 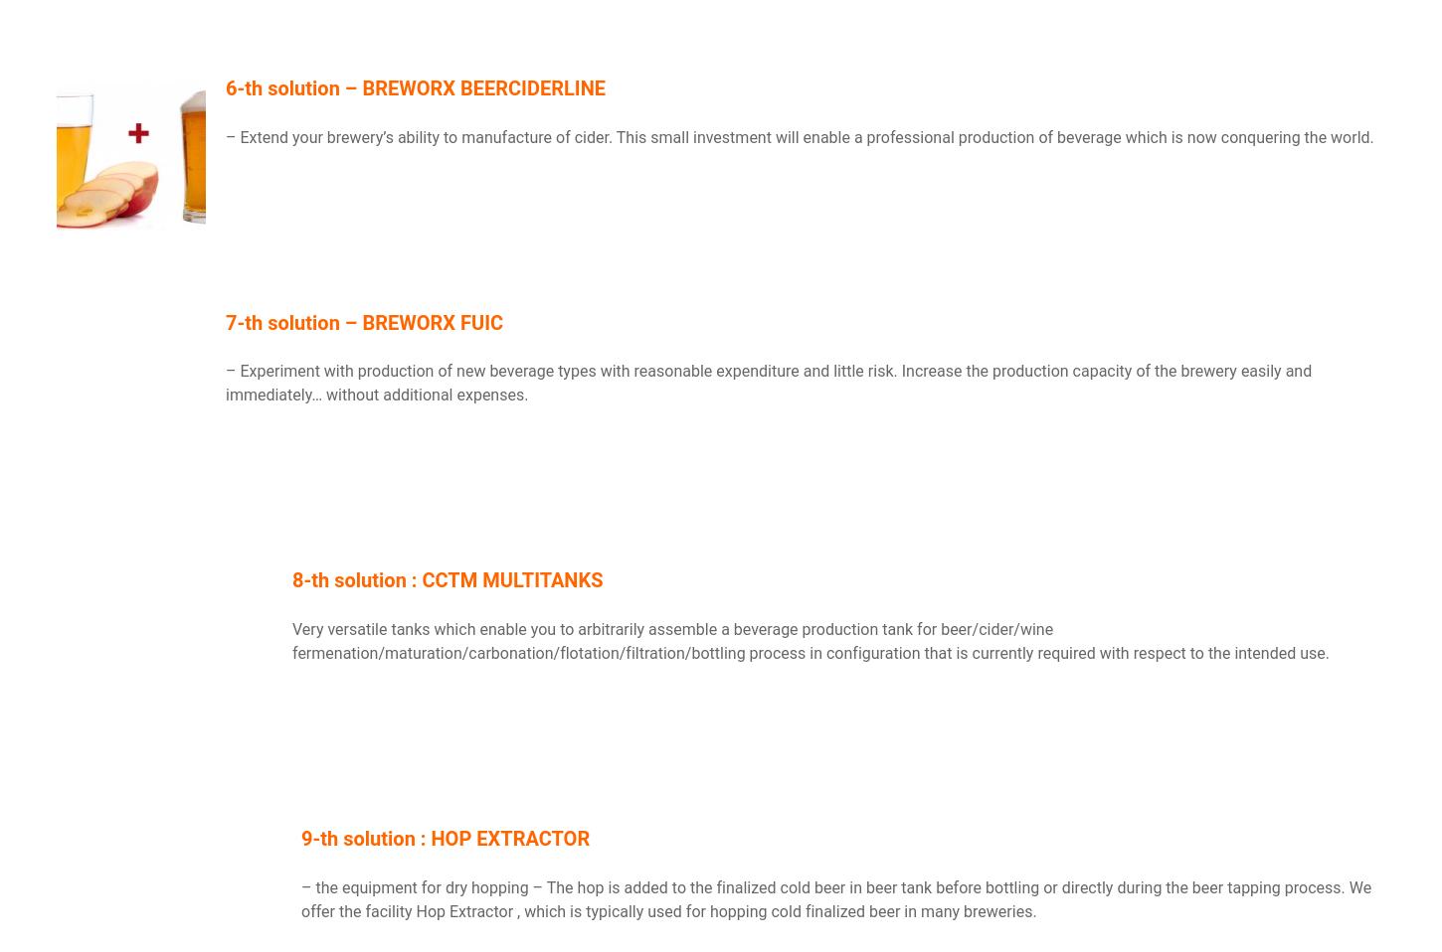 I want to click on 'Very versatile tanks which enable you to arbitrarily assemble a beverage production tank for beer/cider/wine fermenation/maturation/carbonation/flotation/filtration/bottling process in configuration that is currently required with respect to the intended use.', so click(x=811, y=640).